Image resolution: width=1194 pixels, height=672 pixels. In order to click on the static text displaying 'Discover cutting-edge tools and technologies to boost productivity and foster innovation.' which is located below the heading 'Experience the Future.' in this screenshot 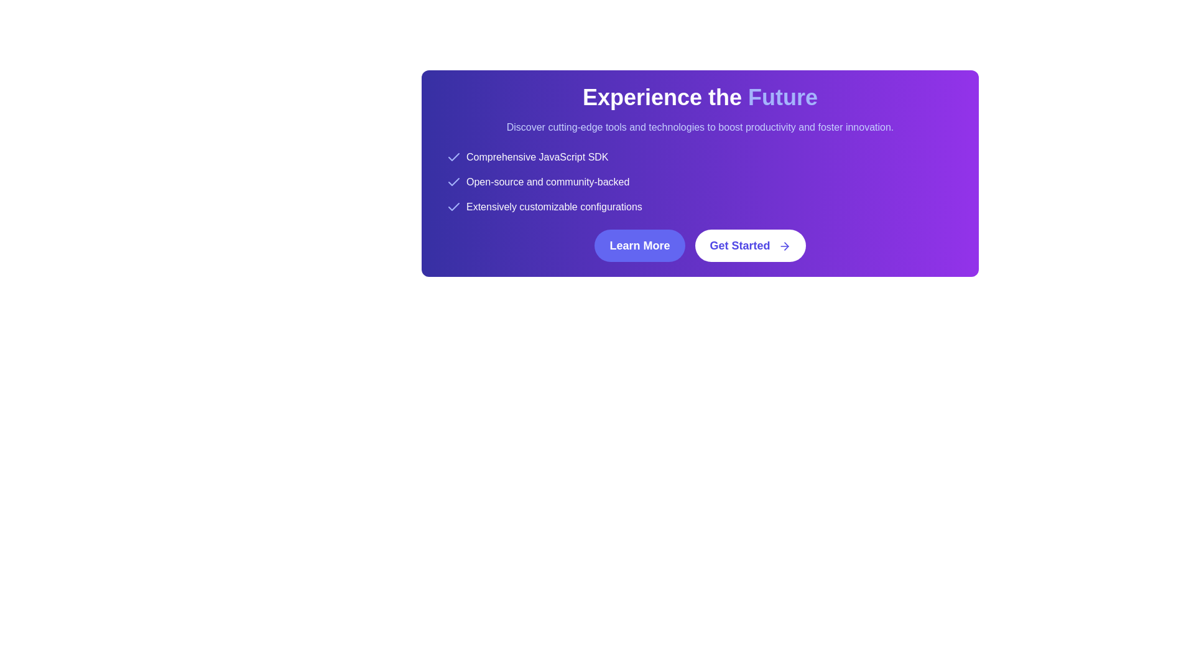, I will do `click(700, 127)`.